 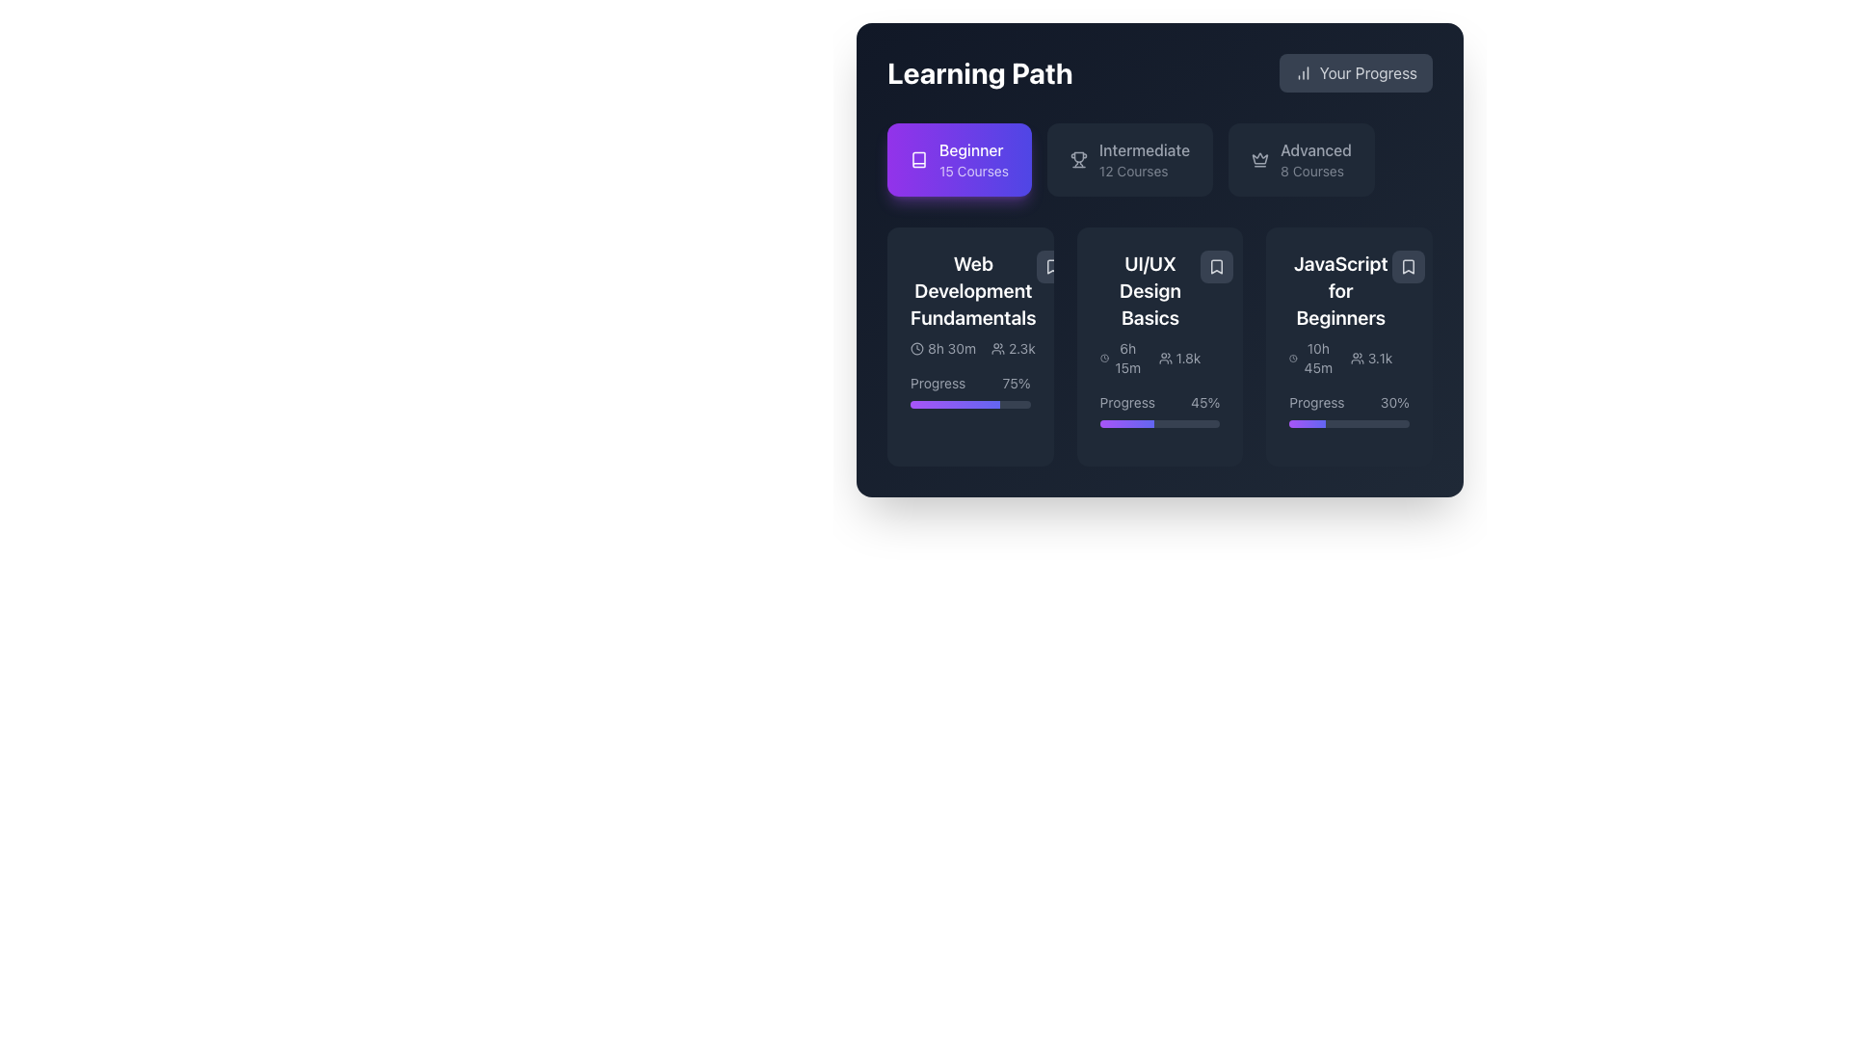 I want to click on the text label displaying '45%' in gray font color, located near the bottom of the 'UI/UX Design Basics' card, to the right of the 'Progress' label, so click(x=1204, y=401).